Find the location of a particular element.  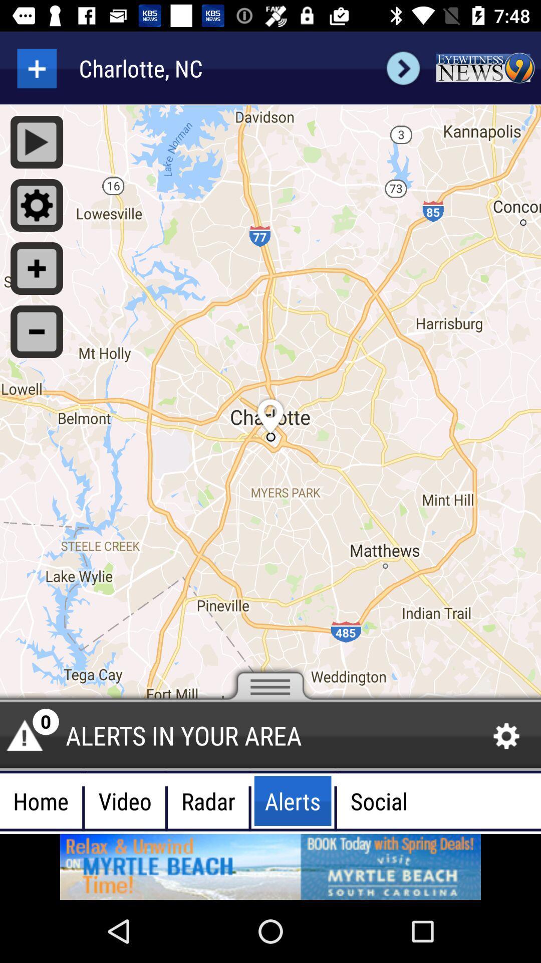

go back is located at coordinates (36, 68).